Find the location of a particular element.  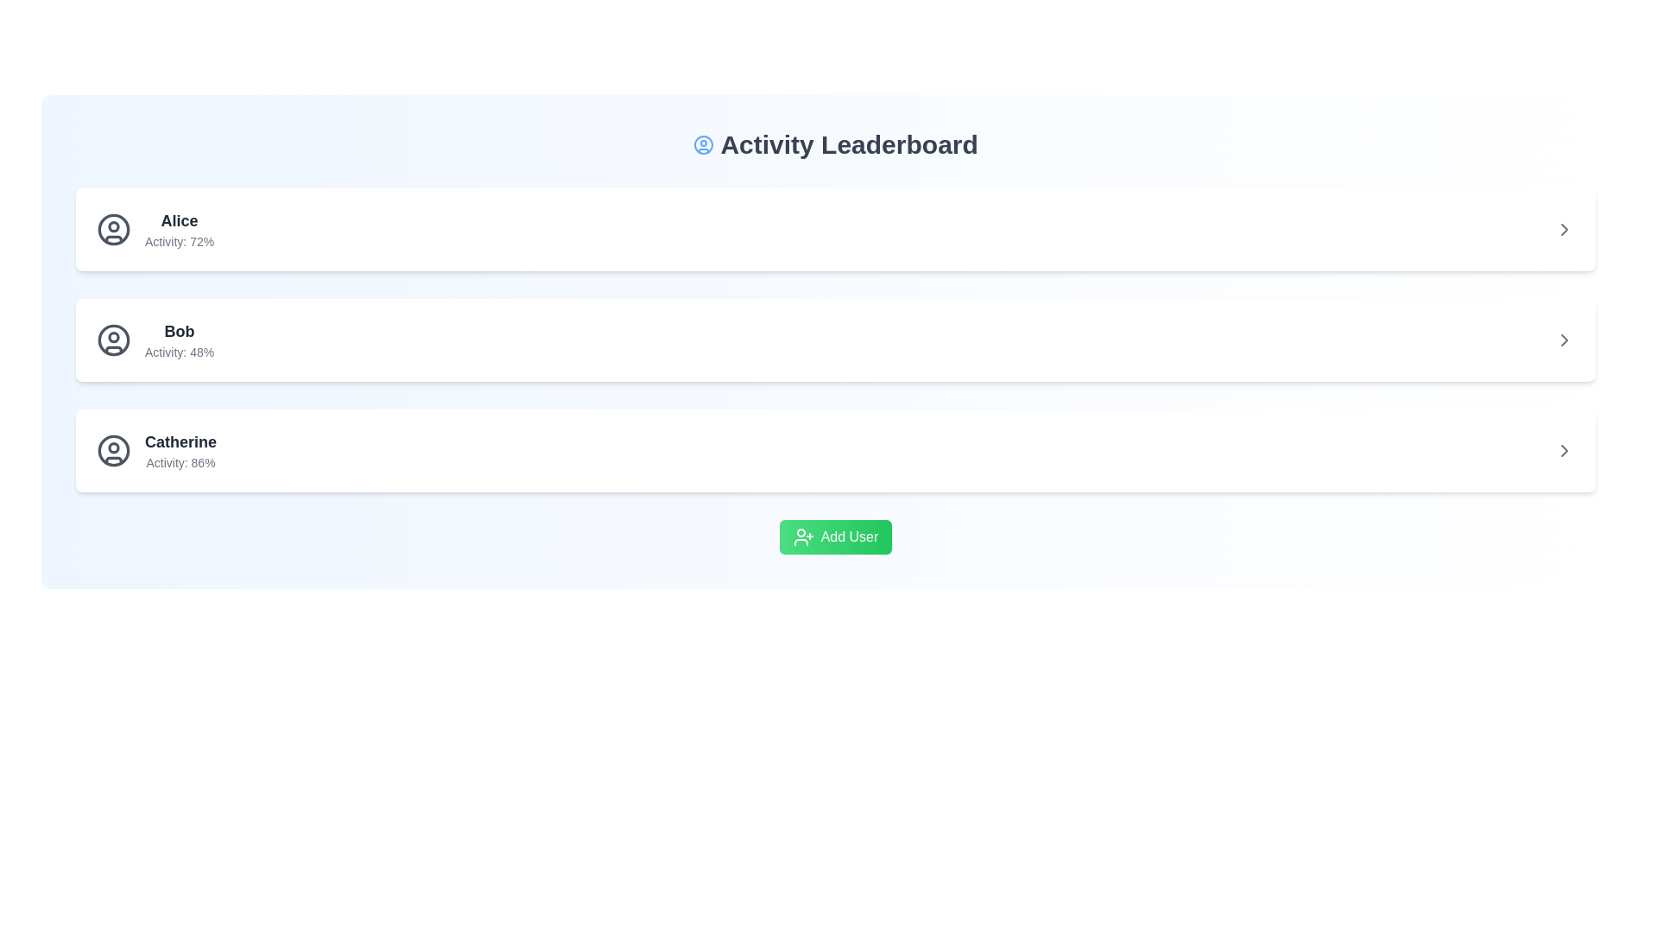

the user icon with a '+' sign within the 'Add User' button, located at the bottom center of the interface is located at coordinates (802, 536).